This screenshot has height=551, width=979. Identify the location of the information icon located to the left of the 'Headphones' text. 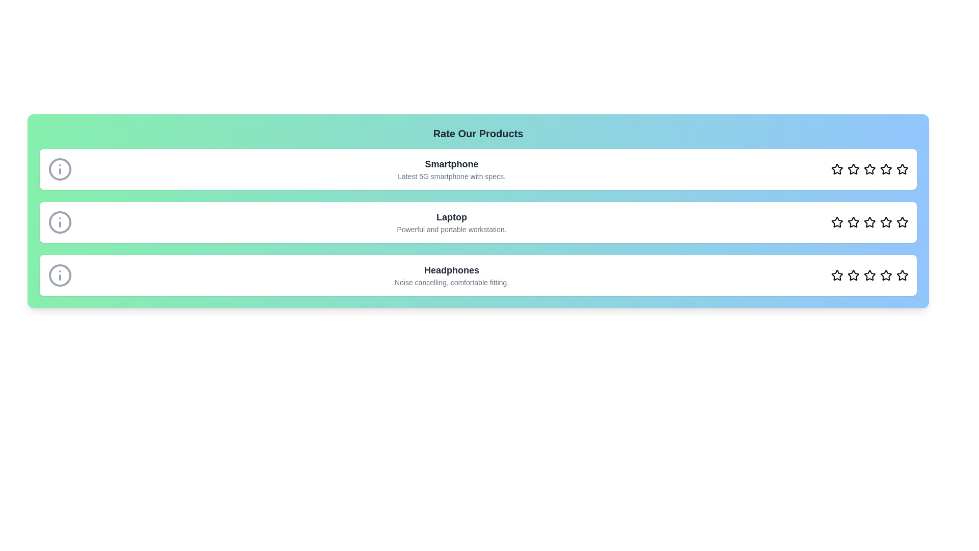
(60, 275).